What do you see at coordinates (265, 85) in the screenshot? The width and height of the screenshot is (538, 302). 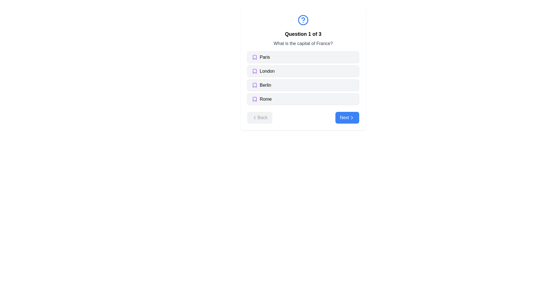 I see `the text 'Berlin', which is centrally positioned in the third option row under the question 'What is the capital of France?'` at bounding box center [265, 85].